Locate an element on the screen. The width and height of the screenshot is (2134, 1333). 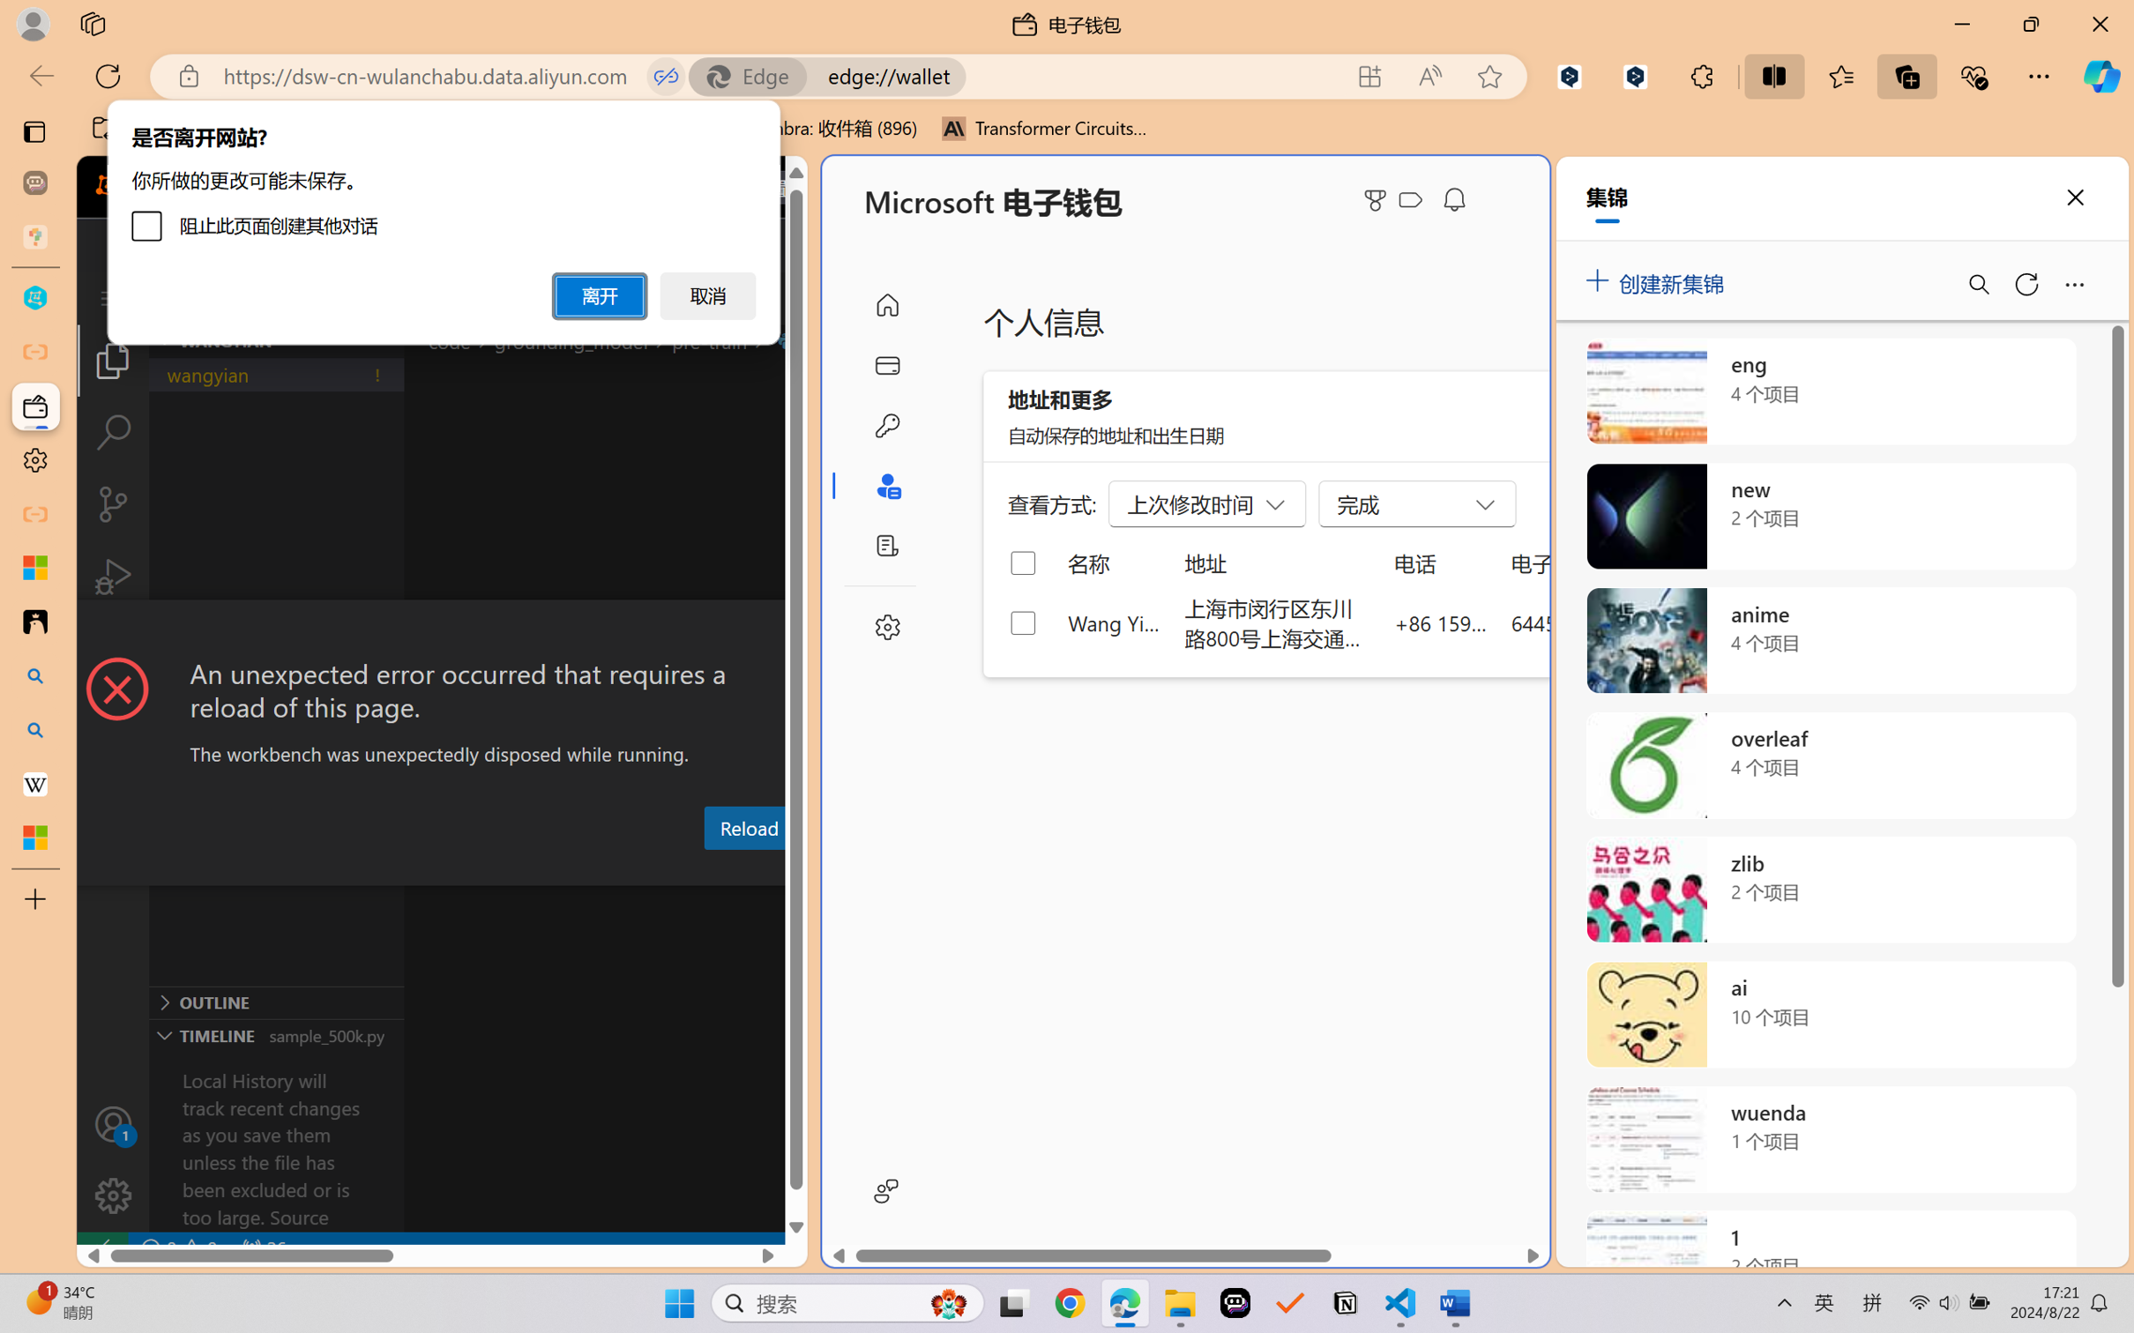
'Earth - Wikipedia' is located at coordinates (34, 782).